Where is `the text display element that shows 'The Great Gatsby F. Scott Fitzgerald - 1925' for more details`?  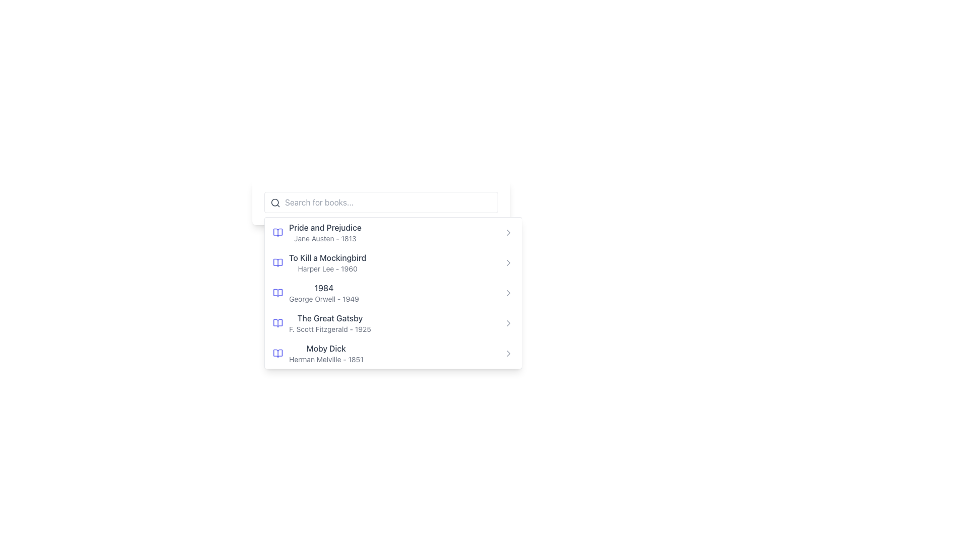 the text display element that shows 'The Great Gatsby F. Scott Fitzgerald - 1925' for more details is located at coordinates (330, 323).